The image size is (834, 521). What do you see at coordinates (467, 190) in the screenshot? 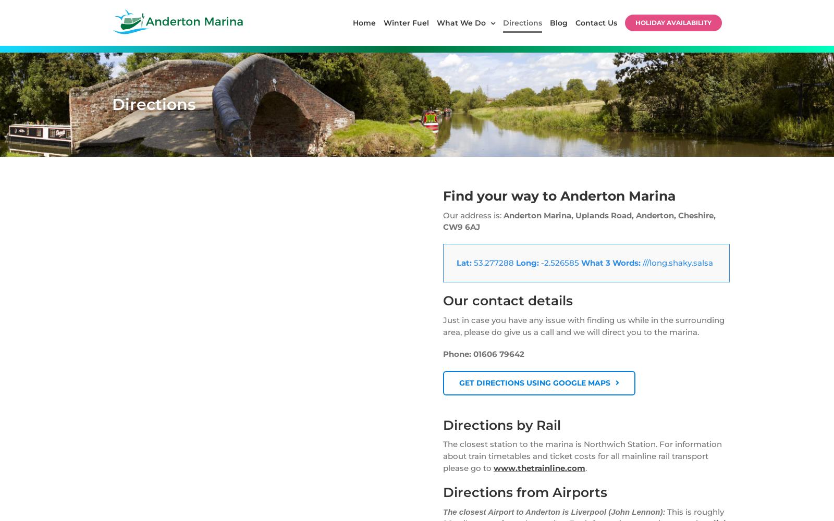
I see `'Holidays Overview'` at bounding box center [467, 190].